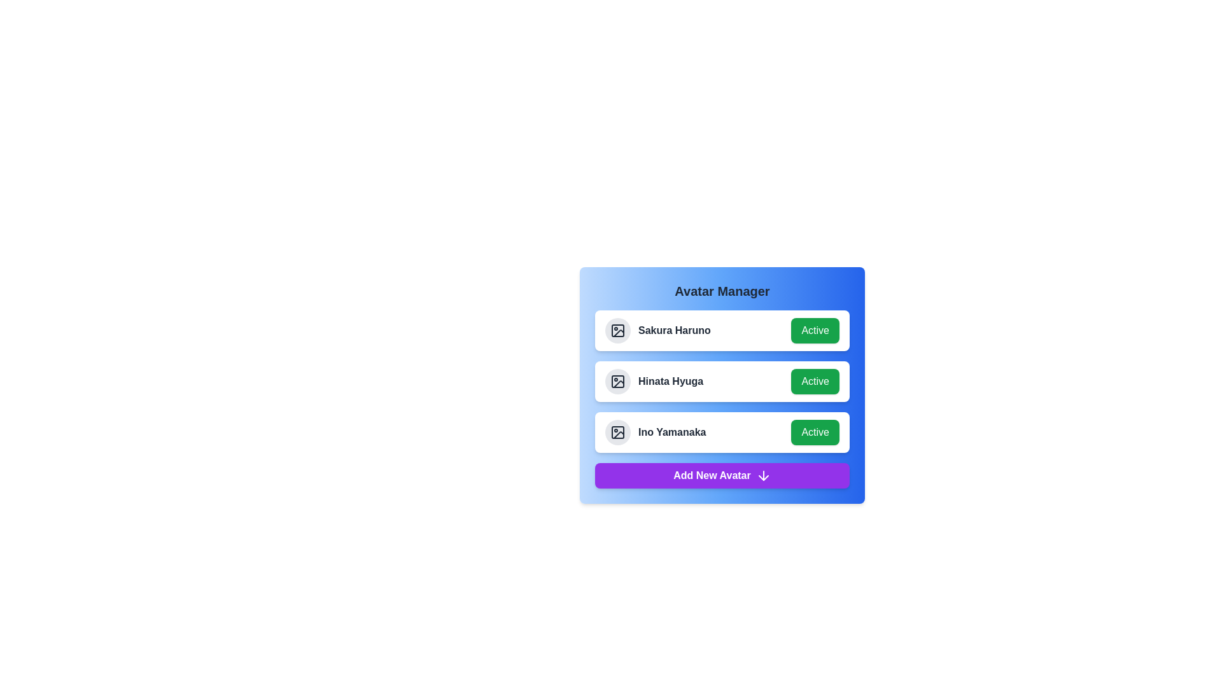  What do you see at coordinates (654, 381) in the screenshot?
I see `the text label 'Hinata Hyuga' in the user list, which is the second entry, positioned next to an avatar placeholder icon on the left` at bounding box center [654, 381].